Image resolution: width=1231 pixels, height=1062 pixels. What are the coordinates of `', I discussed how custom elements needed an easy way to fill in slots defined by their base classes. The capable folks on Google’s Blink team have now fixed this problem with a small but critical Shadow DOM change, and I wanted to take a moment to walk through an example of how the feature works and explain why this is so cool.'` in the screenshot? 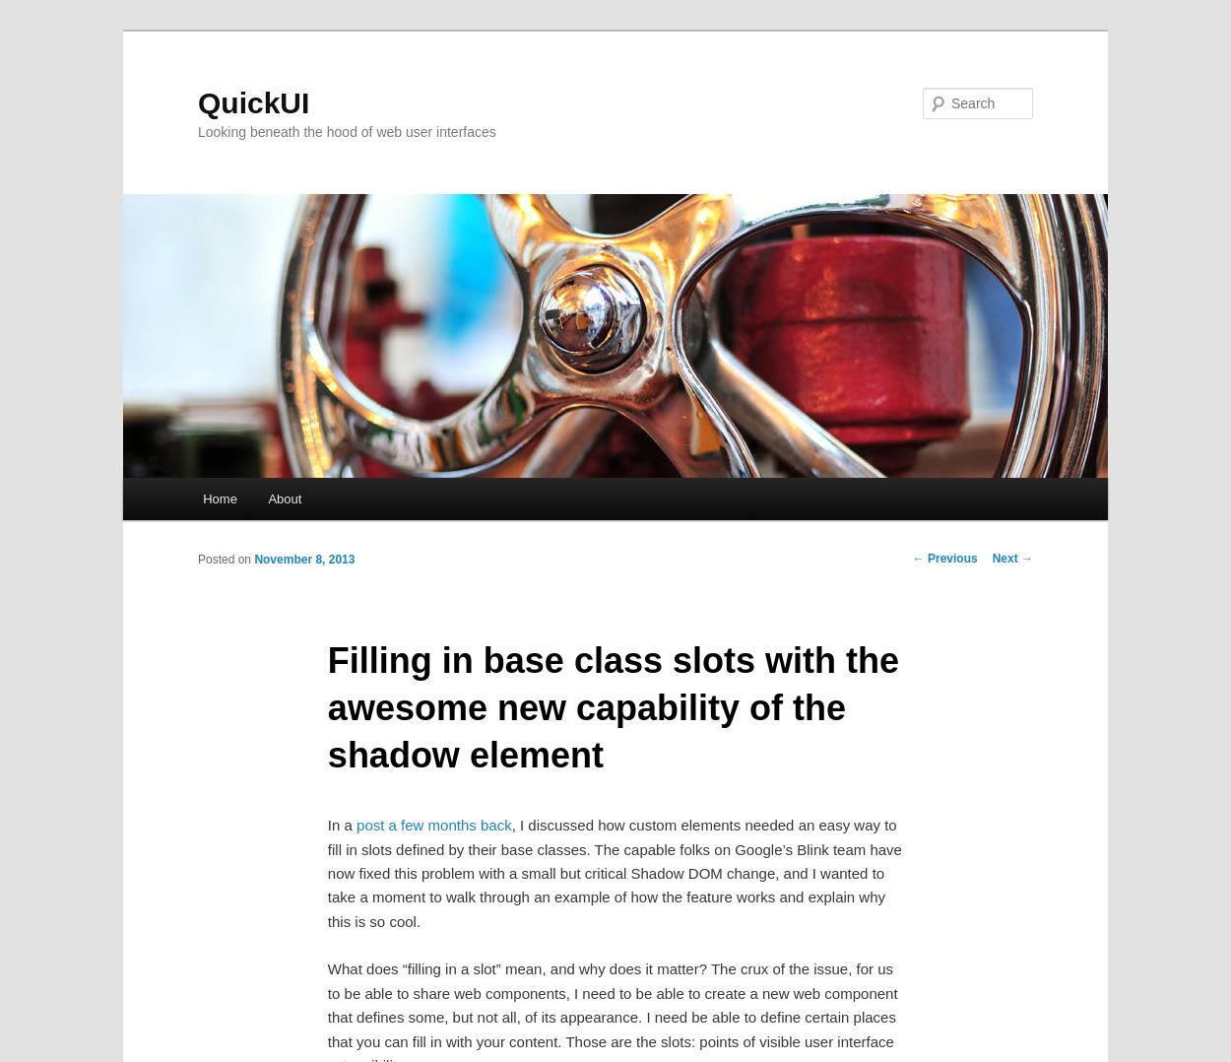 It's located at (613, 872).